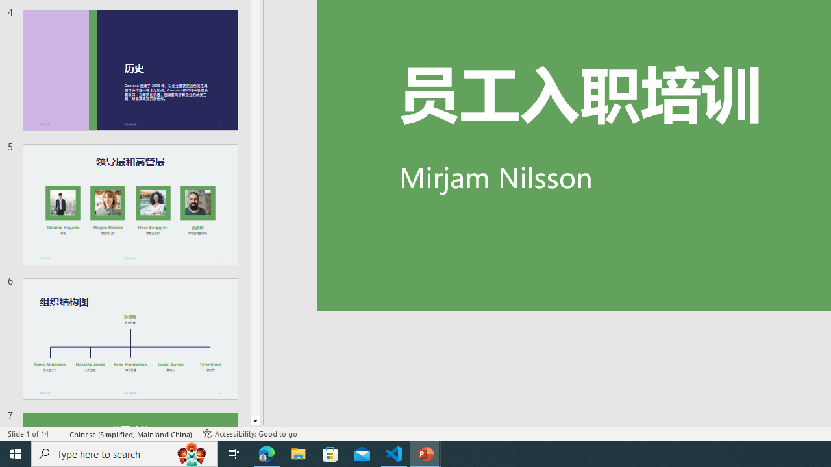 Image resolution: width=831 pixels, height=467 pixels. Describe the element at coordinates (59, 434) in the screenshot. I see `'Spell Check '` at that location.